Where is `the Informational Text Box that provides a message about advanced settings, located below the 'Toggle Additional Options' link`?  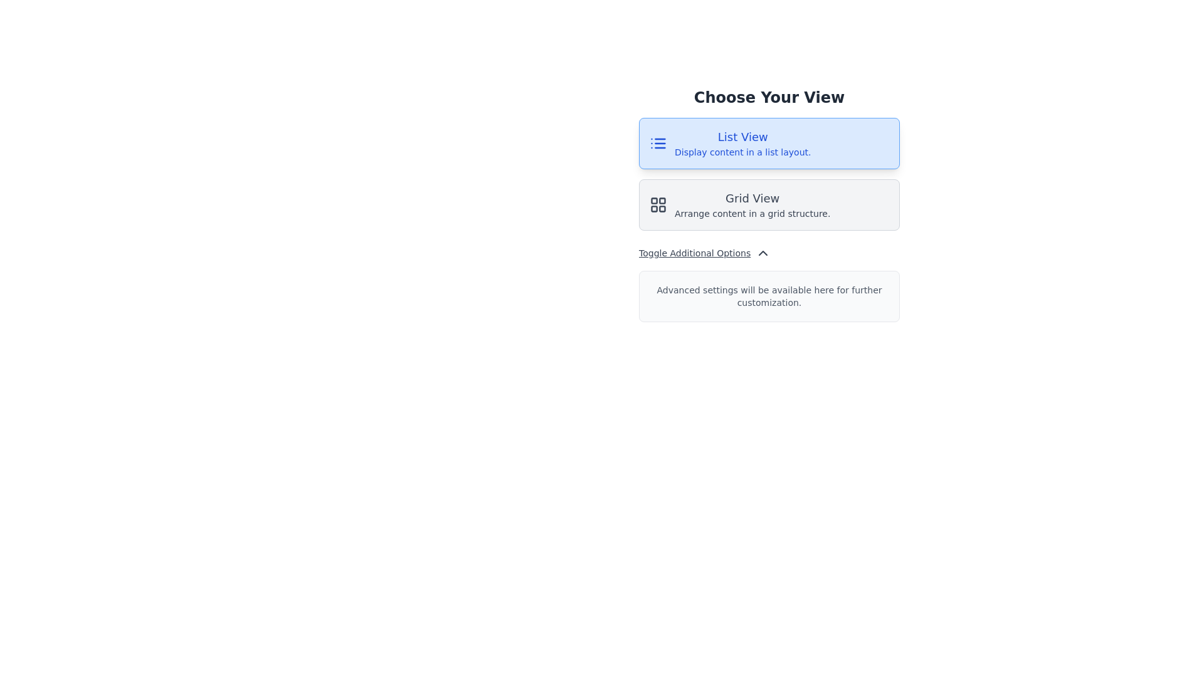 the Informational Text Box that provides a message about advanced settings, located below the 'Toggle Additional Options' link is located at coordinates (769, 297).